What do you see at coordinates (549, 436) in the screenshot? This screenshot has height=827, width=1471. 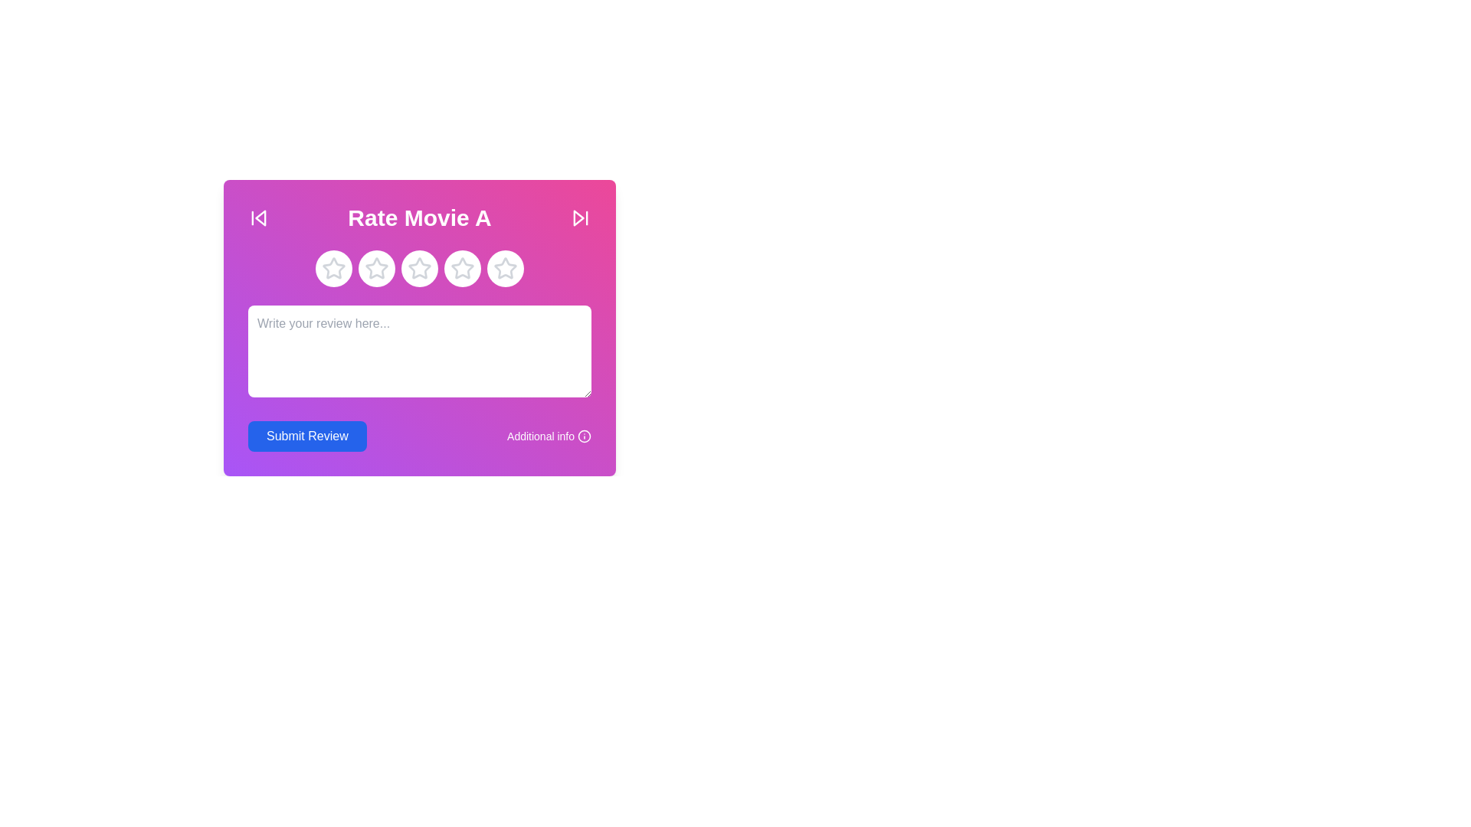 I see `the 'Additional info' button with a white text on a purple background, which has an information icon to its right` at bounding box center [549, 436].